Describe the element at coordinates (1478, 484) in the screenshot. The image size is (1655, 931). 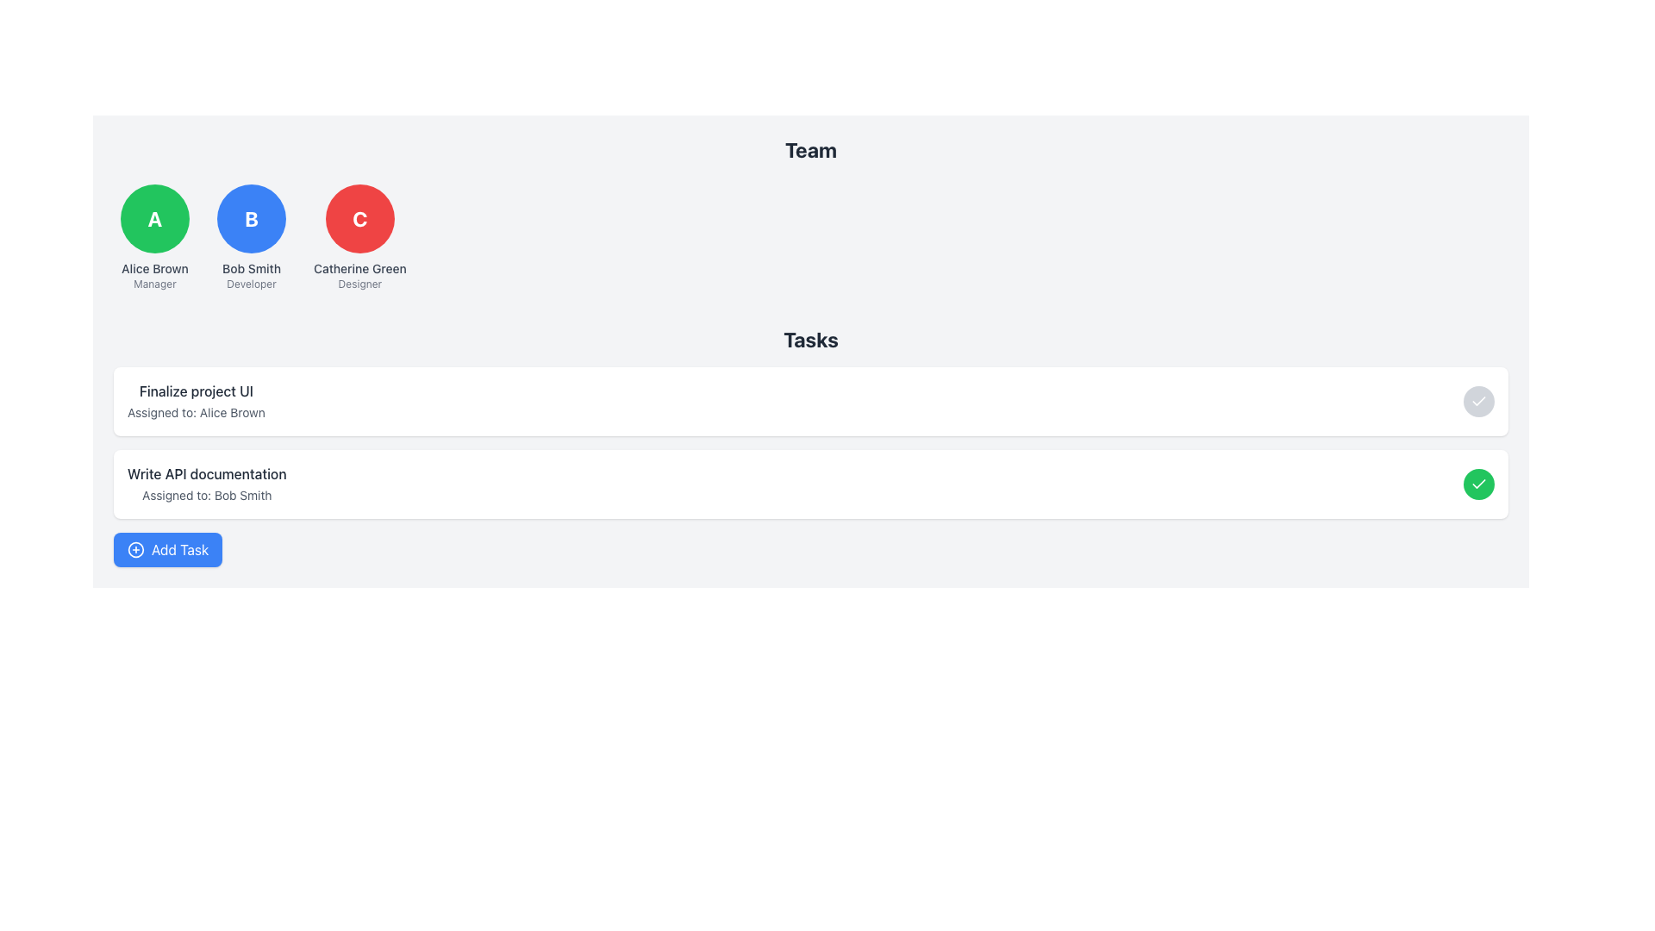
I see `the SVG icon that indicates the completion status of the task labeled 'Write API documentation' in the 'Tasks' section, located inside the green circle at the far-right end` at that location.